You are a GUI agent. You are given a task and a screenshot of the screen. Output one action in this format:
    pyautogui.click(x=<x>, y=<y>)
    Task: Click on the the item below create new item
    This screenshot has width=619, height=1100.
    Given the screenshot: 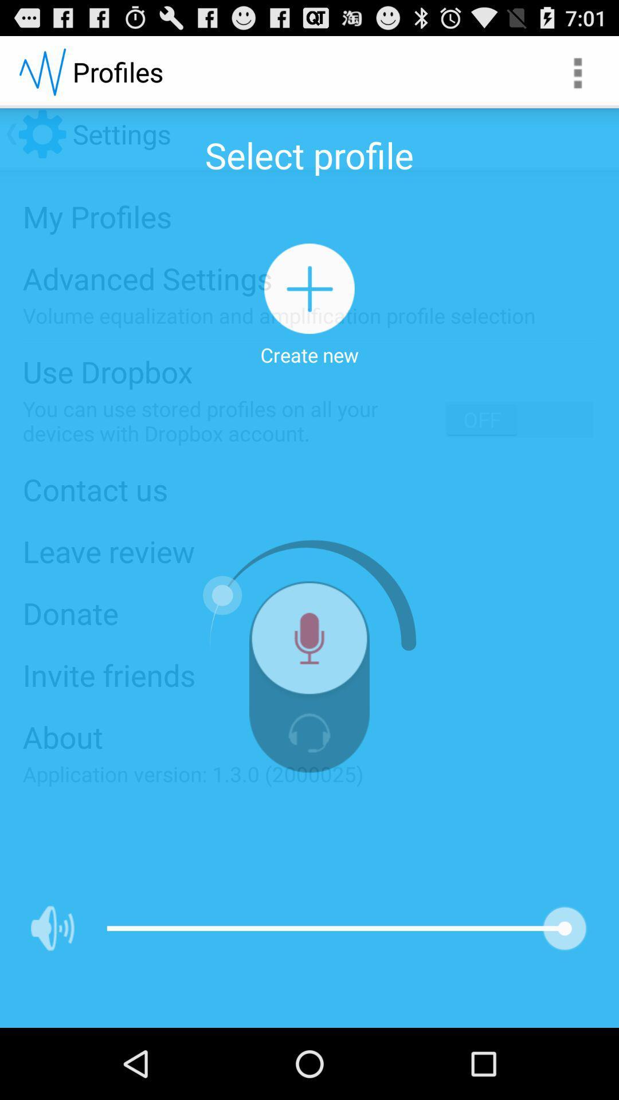 What is the action you would take?
    pyautogui.click(x=309, y=643)
    